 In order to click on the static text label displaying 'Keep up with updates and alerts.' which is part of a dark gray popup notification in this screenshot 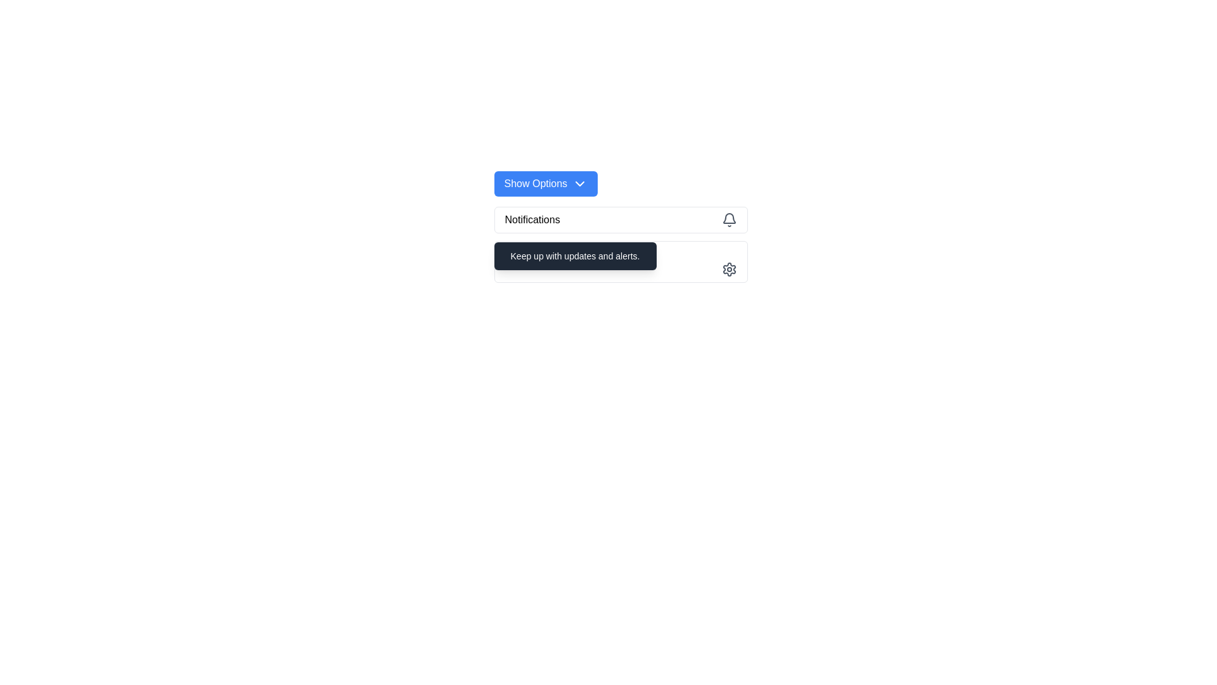, I will do `click(574, 256)`.